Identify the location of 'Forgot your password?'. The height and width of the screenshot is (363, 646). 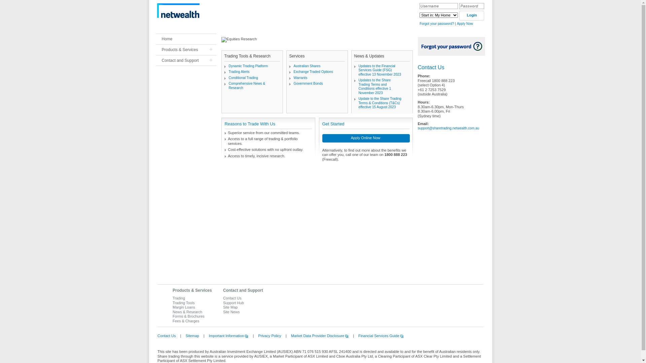
(436, 23).